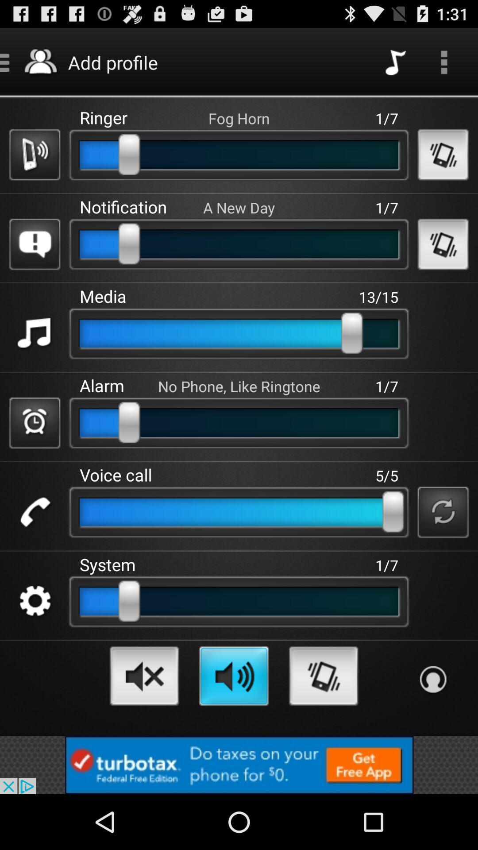 This screenshot has width=478, height=850. What do you see at coordinates (34, 452) in the screenshot?
I see `the time icon` at bounding box center [34, 452].